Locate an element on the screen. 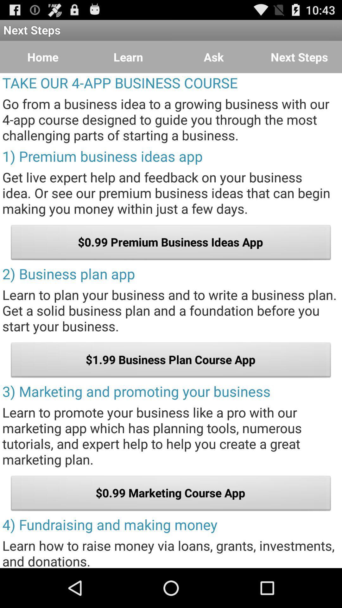  the ask is located at coordinates (214, 57).